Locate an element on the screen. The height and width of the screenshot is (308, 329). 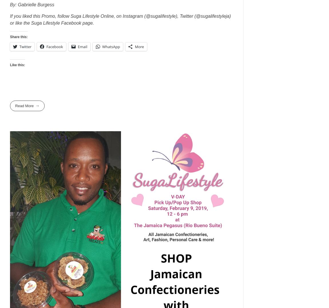
'WhatsApp' is located at coordinates (111, 46).